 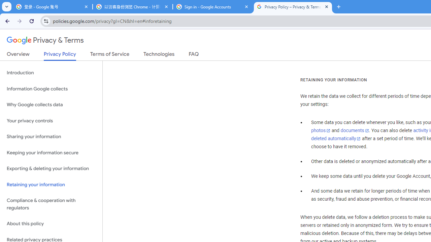 I want to click on 'Introduction', so click(x=51, y=73).